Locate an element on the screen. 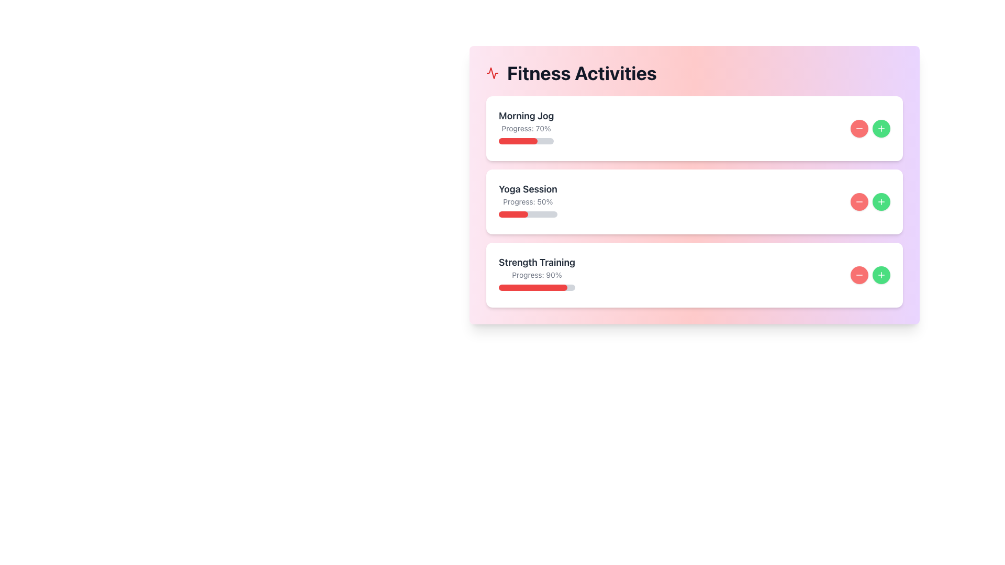 This screenshot has height=565, width=1005. the current progress represented by the filled portion of the progress bar under the 'Yoga Session' label, which is approximately 50% complete is located at coordinates (513, 213).